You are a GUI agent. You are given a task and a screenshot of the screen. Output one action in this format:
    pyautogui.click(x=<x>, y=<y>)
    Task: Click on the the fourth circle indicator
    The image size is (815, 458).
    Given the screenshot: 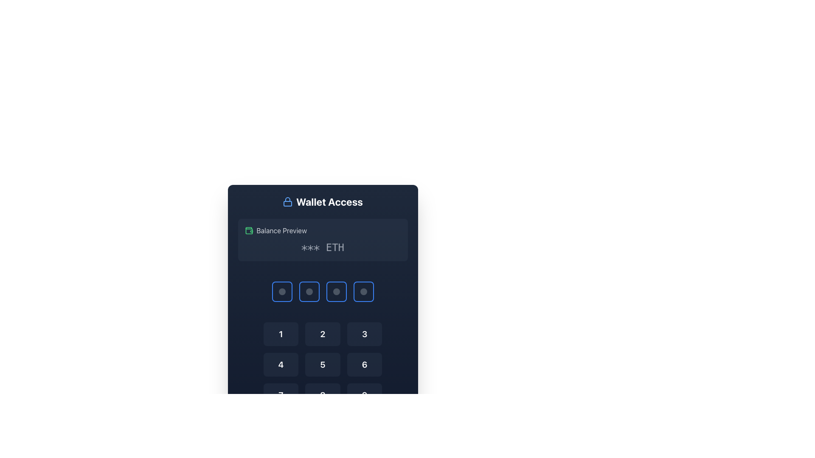 What is the action you would take?
    pyautogui.click(x=336, y=291)
    